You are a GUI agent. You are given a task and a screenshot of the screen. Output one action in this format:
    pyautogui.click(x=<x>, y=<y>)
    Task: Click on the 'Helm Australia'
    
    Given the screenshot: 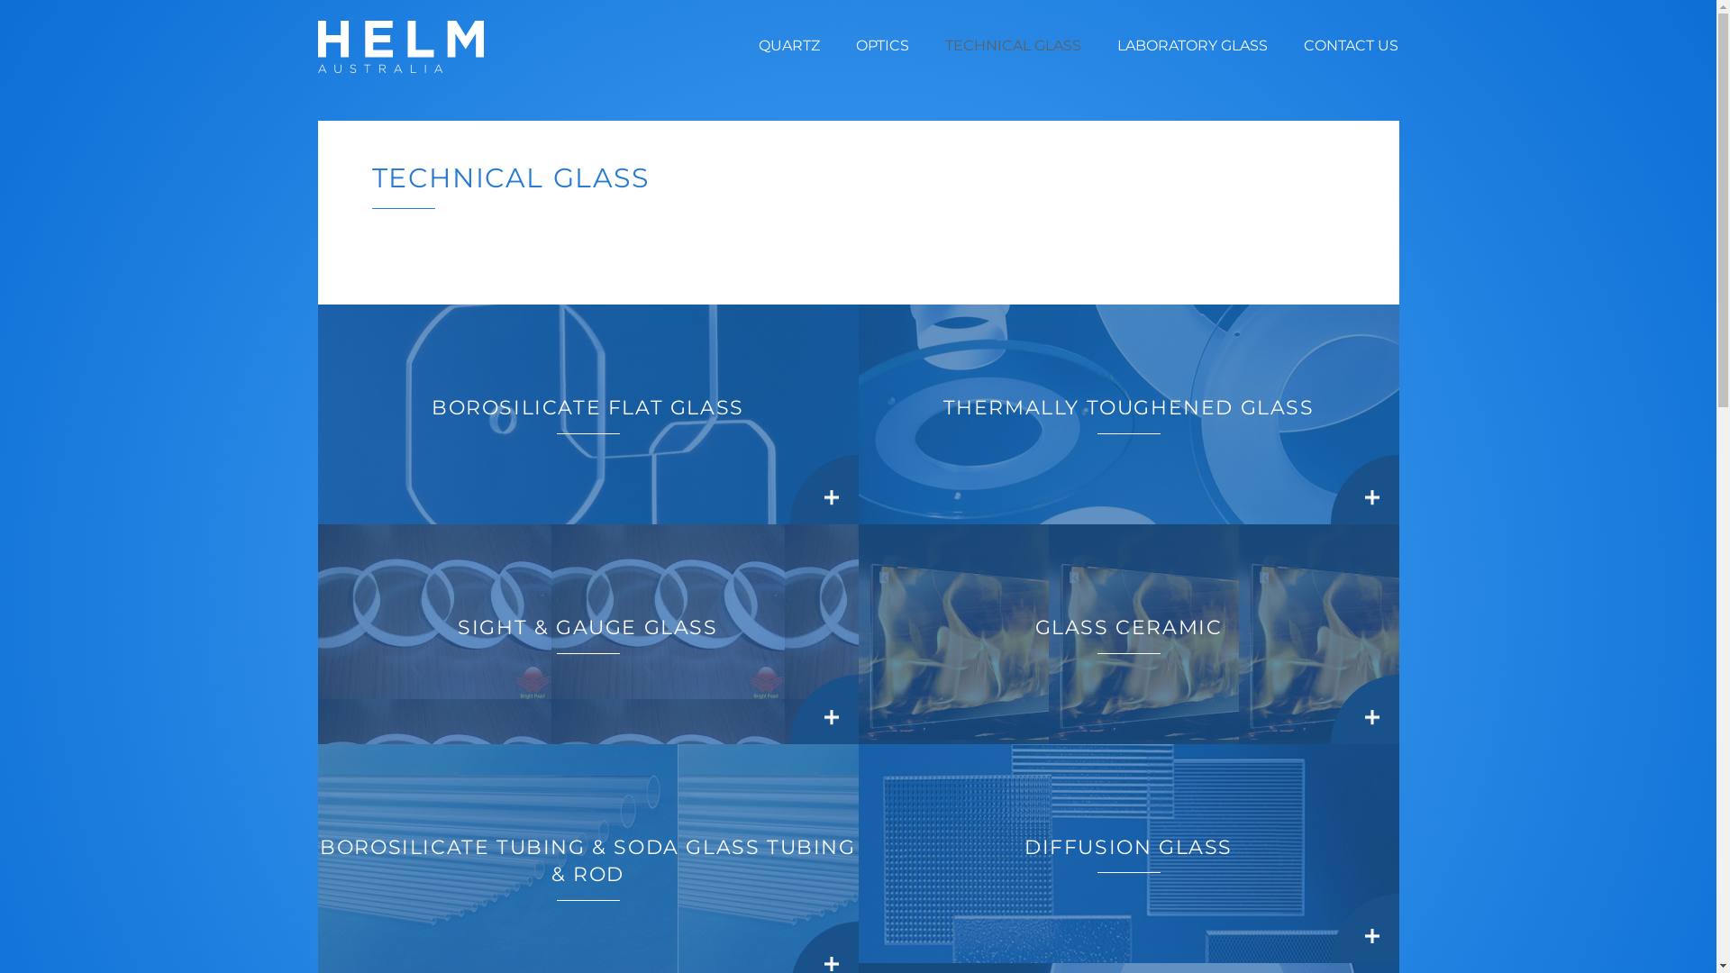 What is the action you would take?
    pyautogui.click(x=399, y=45)
    